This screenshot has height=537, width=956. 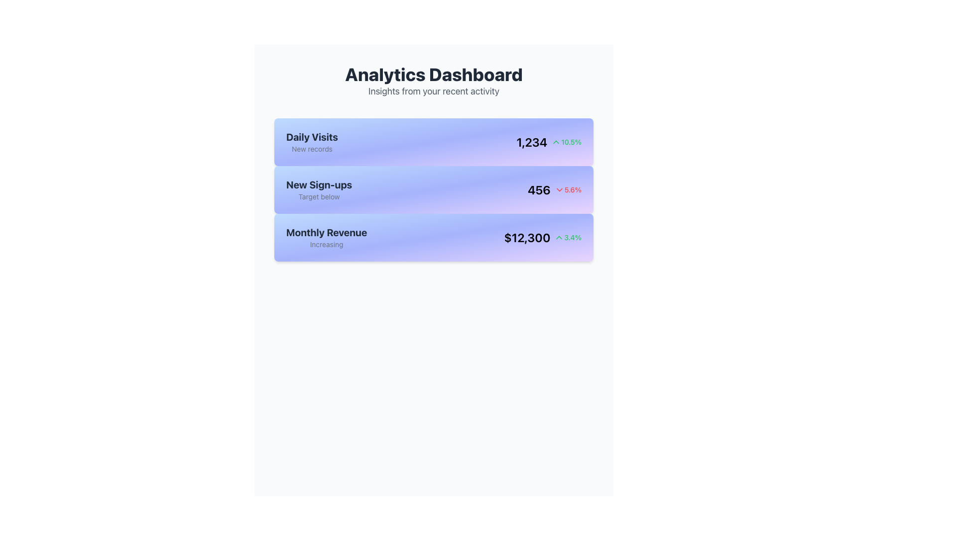 I want to click on Text and Icon Display element showing statistical data for 'New Sign-ups', which indicates a count of 456 and a percentage change of -5.6%, located in the right section of the component, so click(x=554, y=189).